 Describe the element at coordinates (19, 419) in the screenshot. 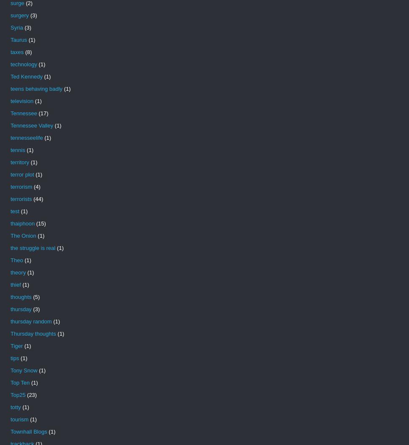

I see `'tourism'` at that location.